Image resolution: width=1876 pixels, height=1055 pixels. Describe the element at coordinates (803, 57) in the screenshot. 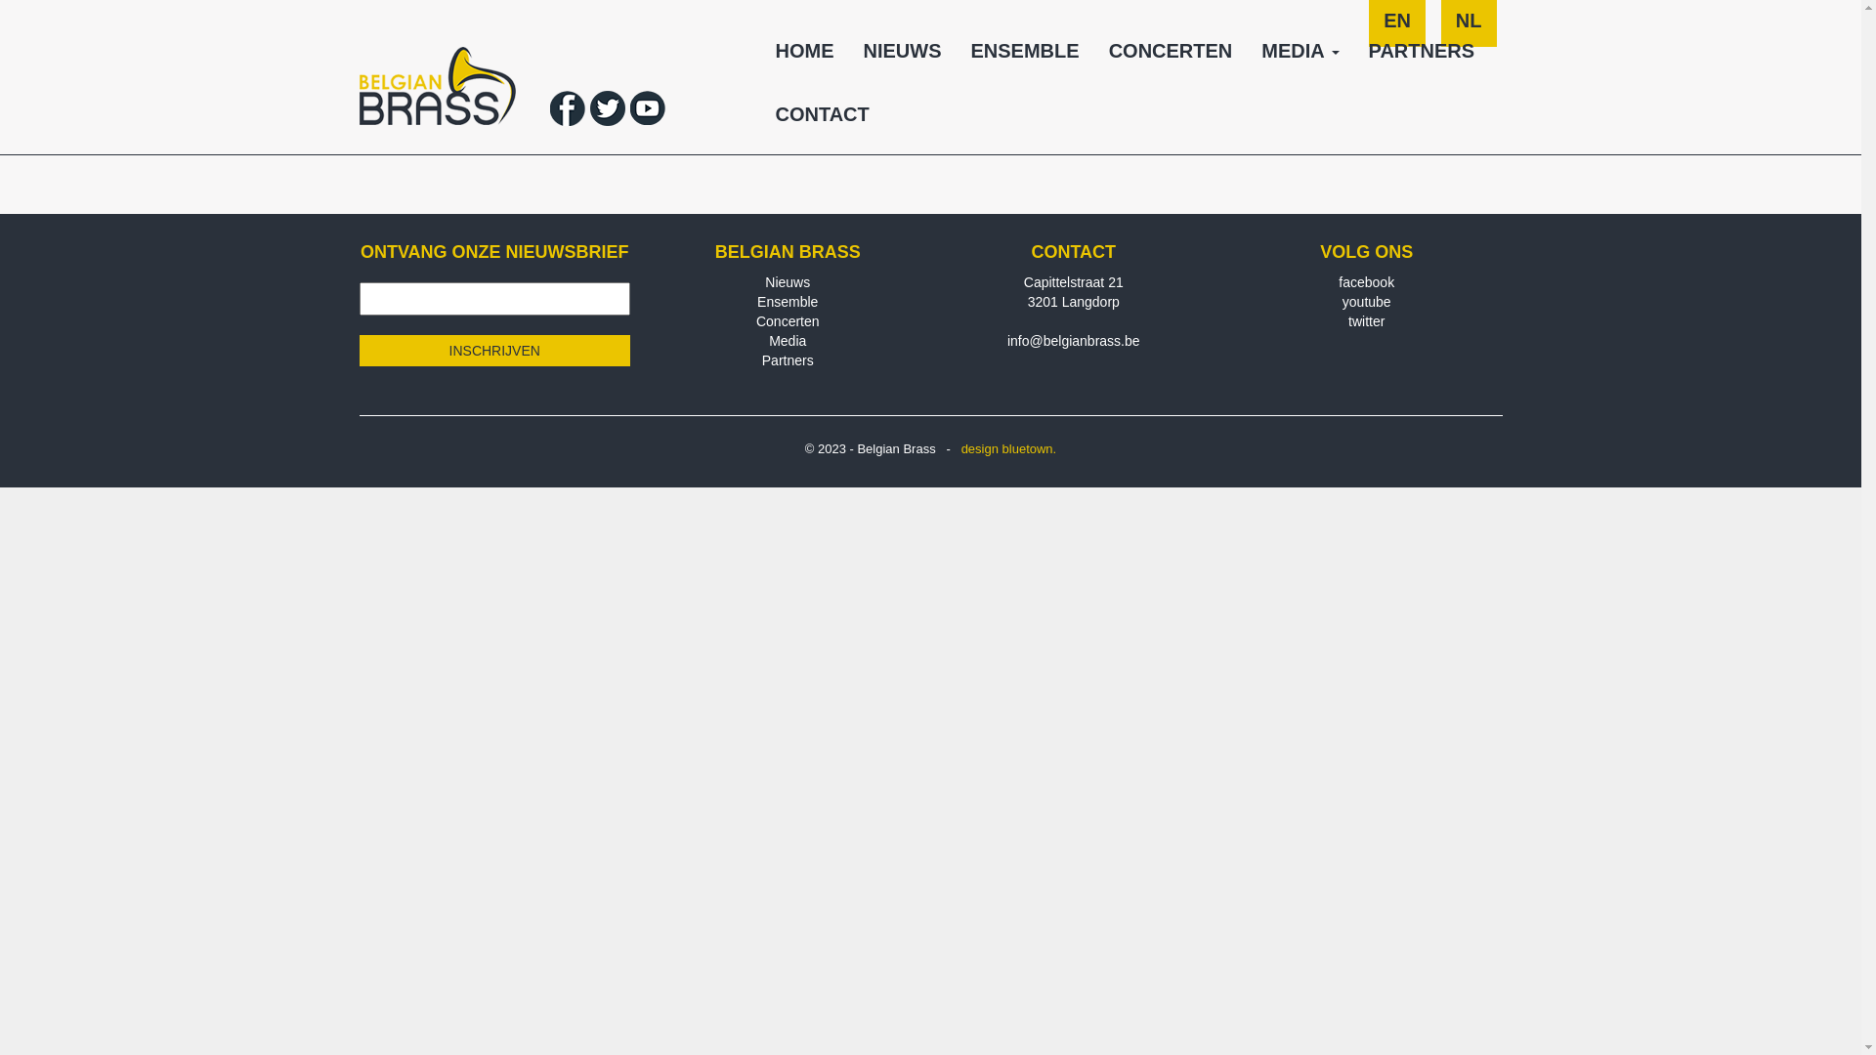

I see `'HOME'` at that location.